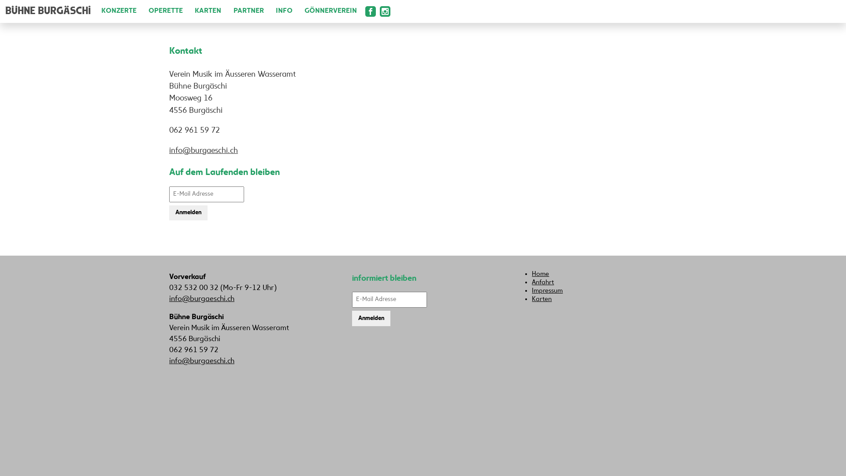 The height and width of the screenshot is (476, 846). I want to click on 'Home', so click(540, 273).